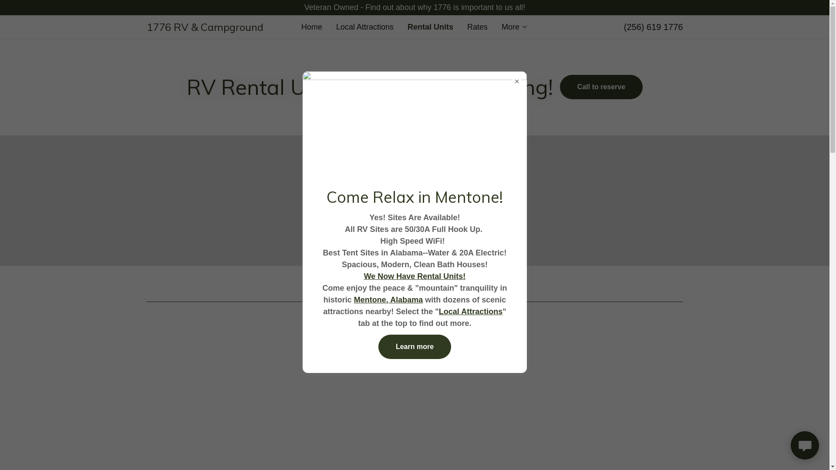 This screenshot has width=836, height=470. What do you see at coordinates (654, 26) in the screenshot?
I see `'(256) 619 1776'` at bounding box center [654, 26].